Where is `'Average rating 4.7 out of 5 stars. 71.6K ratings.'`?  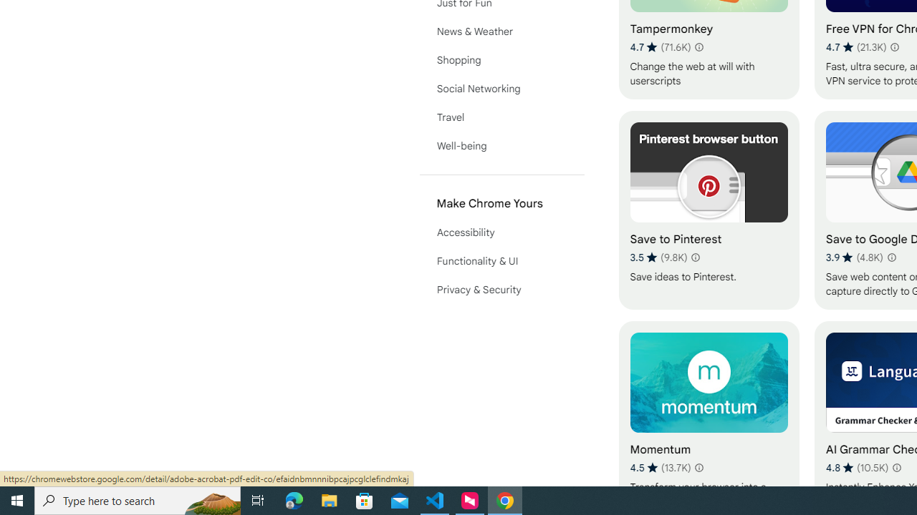
'Average rating 4.7 out of 5 stars. 71.6K ratings.' is located at coordinates (660, 46).